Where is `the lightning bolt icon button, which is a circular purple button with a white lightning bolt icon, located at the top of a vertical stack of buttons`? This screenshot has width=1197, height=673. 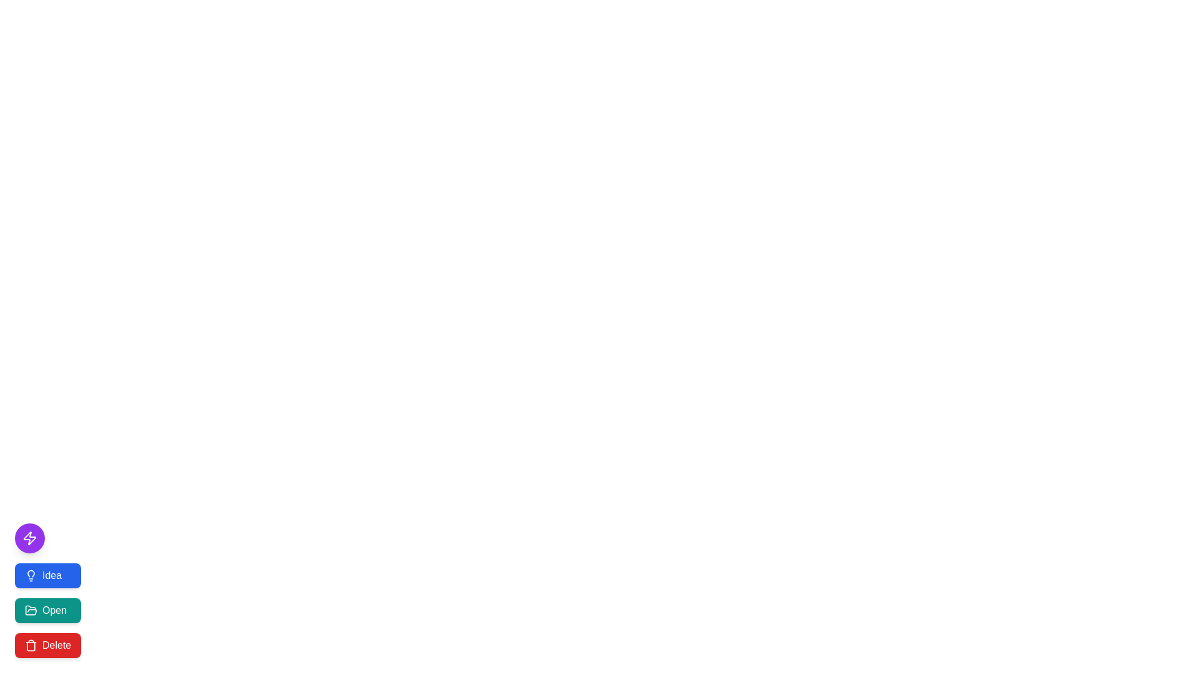 the lightning bolt icon button, which is a circular purple button with a white lightning bolt icon, located at the top of a vertical stack of buttons is located at coordinates (30, 538).